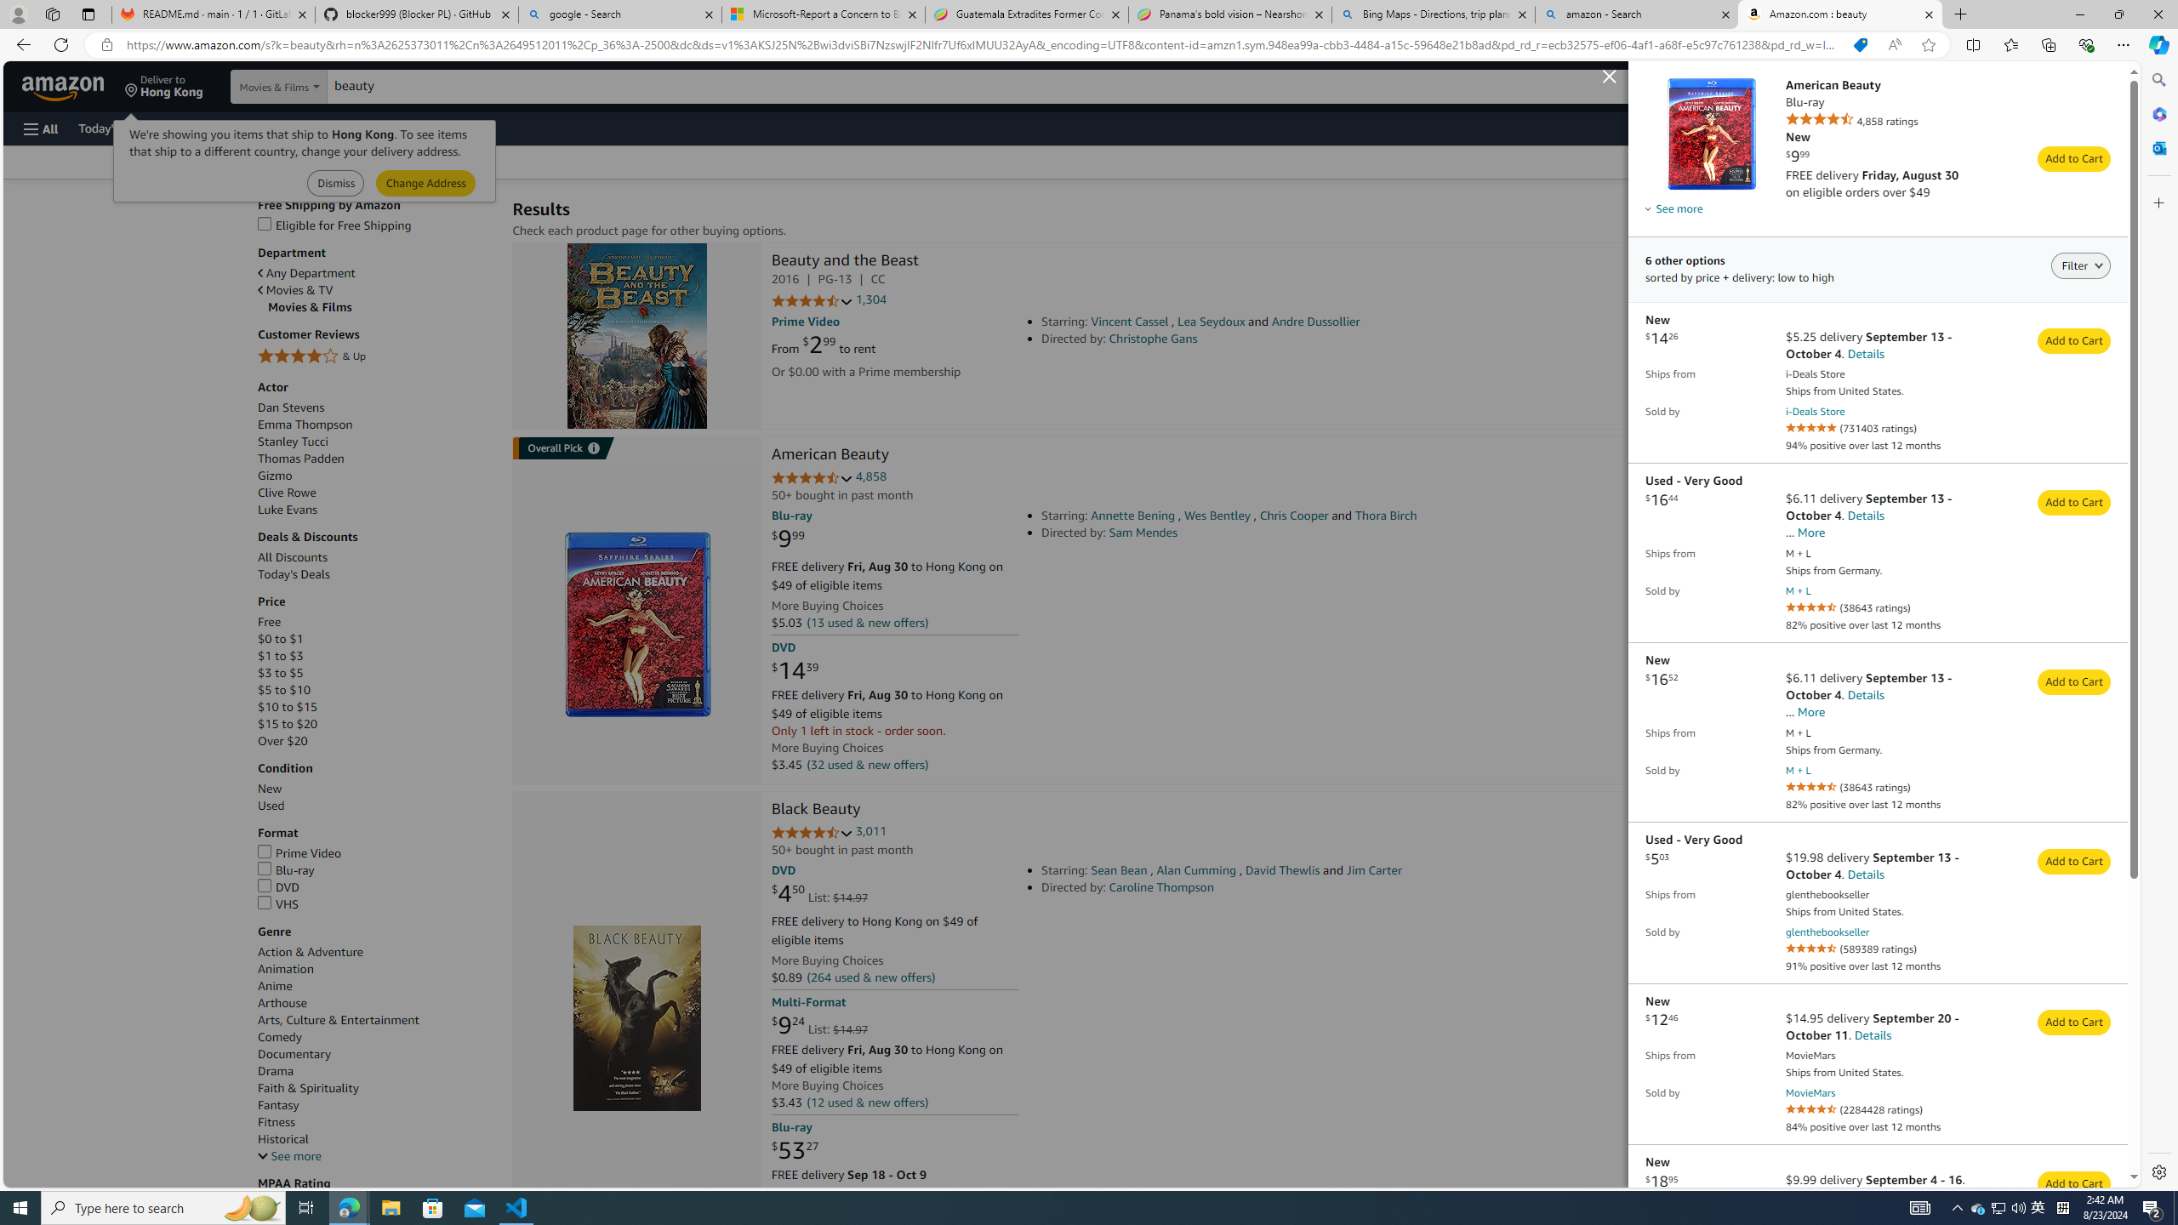 This screenshot has width=2178, height=1225. I want to click on 'Arts, Culture & Entertainment', so click(339, 1019).